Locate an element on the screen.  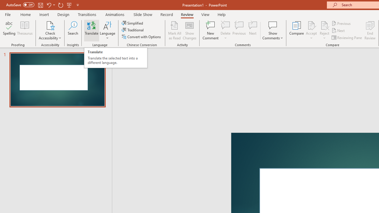
'Traditional' is located at coordinates (133, 30).